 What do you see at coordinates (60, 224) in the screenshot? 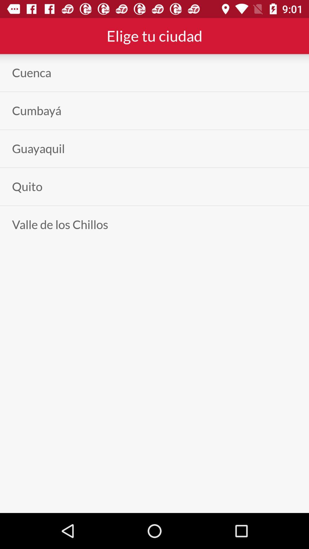
I see `the valle de los` at bounding box center [60, 224].